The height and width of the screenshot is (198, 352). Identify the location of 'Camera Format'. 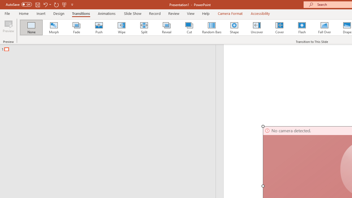
(230, 13).